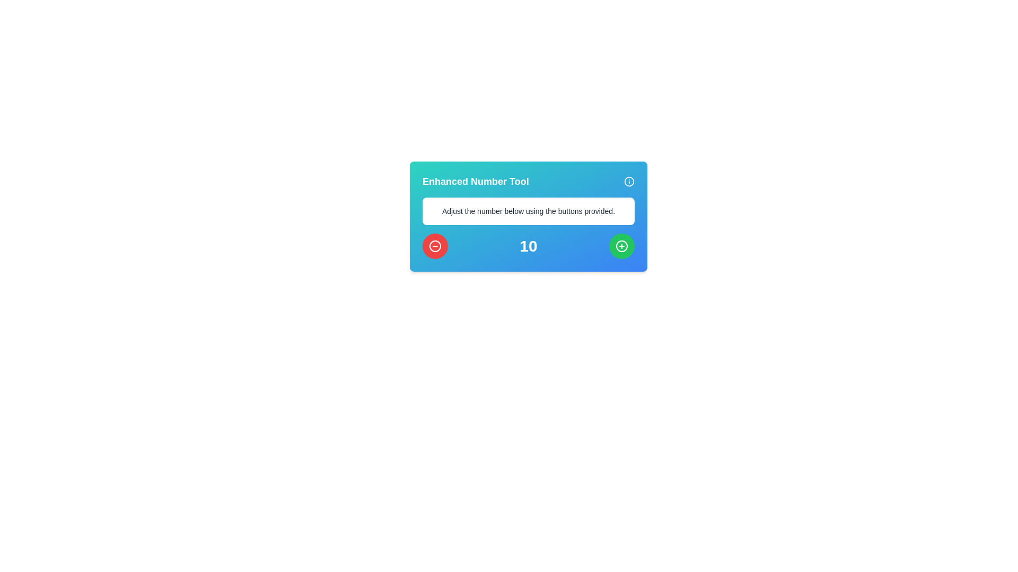 This screenshot has width=1018, height=572. I want to click on the bold, large, white numeral '10' displayed on a blue gradient background, which is centrally located between a red button and a green button, so click(529, 246).